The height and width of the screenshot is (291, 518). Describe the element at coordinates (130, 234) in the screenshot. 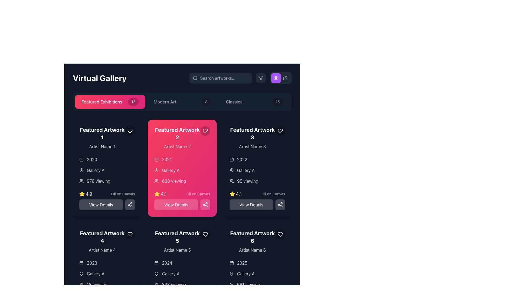

I see `the favorite icon located in the top-right corner of the 'Featured Artwork 4' card` at that location.